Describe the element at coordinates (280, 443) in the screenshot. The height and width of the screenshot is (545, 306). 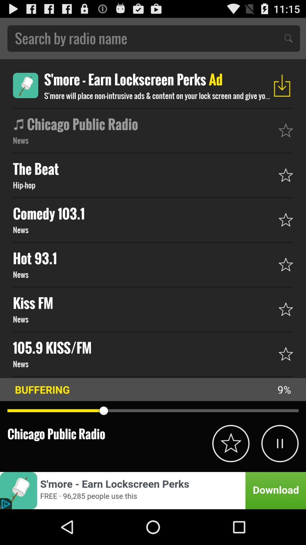
I see `pause or play` at that location.